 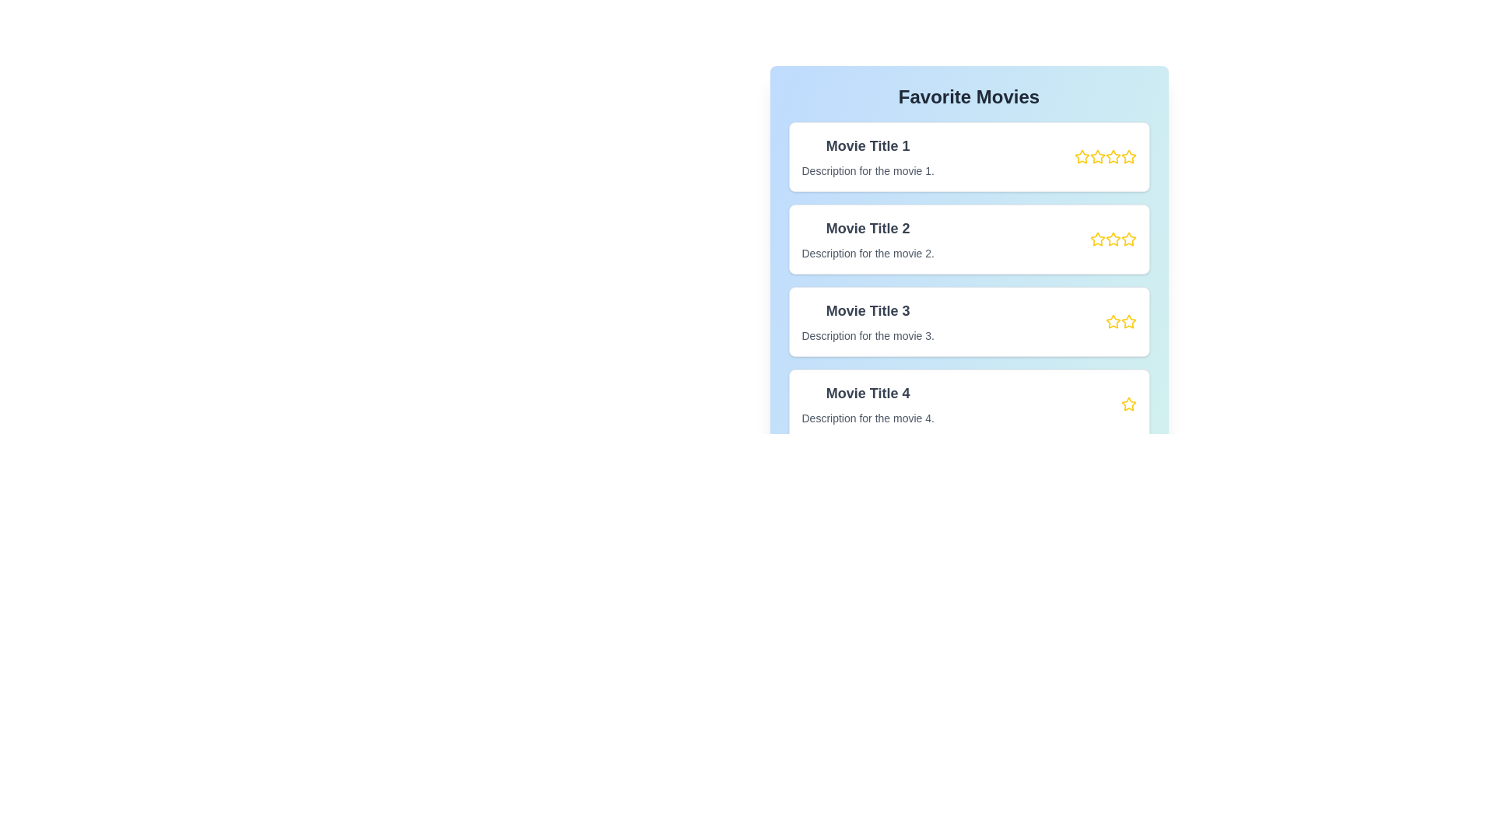 I want to click on the rating for a movie to 1 stars by clicking on the corresponding star, so click(x=1081, y=156).